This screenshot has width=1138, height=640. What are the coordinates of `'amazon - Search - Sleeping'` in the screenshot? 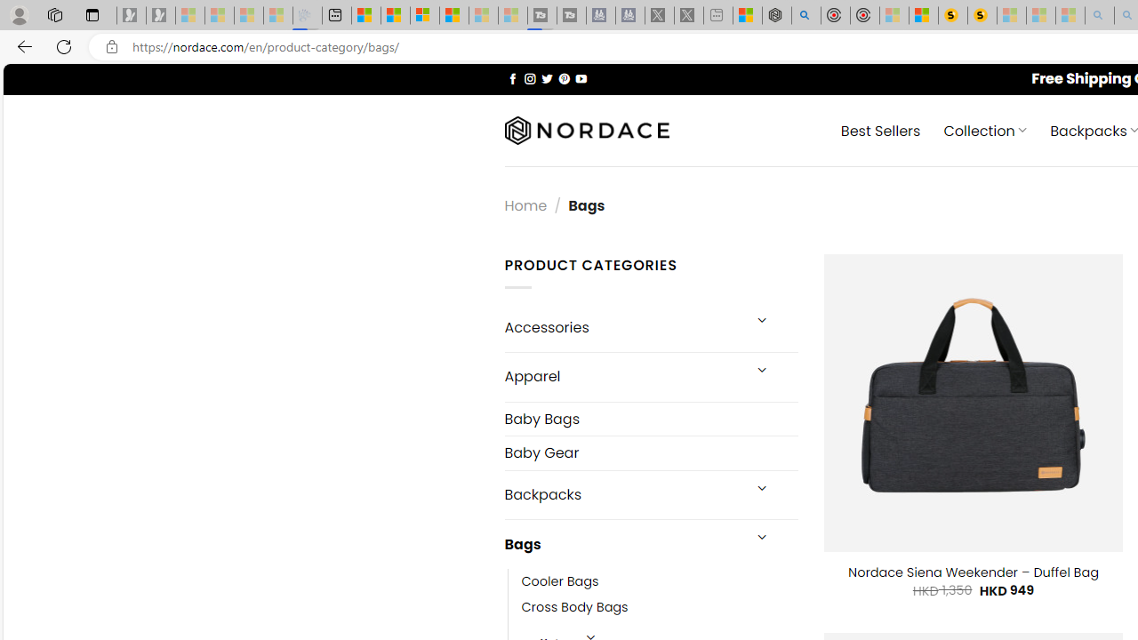 It's located at (1099, 15).